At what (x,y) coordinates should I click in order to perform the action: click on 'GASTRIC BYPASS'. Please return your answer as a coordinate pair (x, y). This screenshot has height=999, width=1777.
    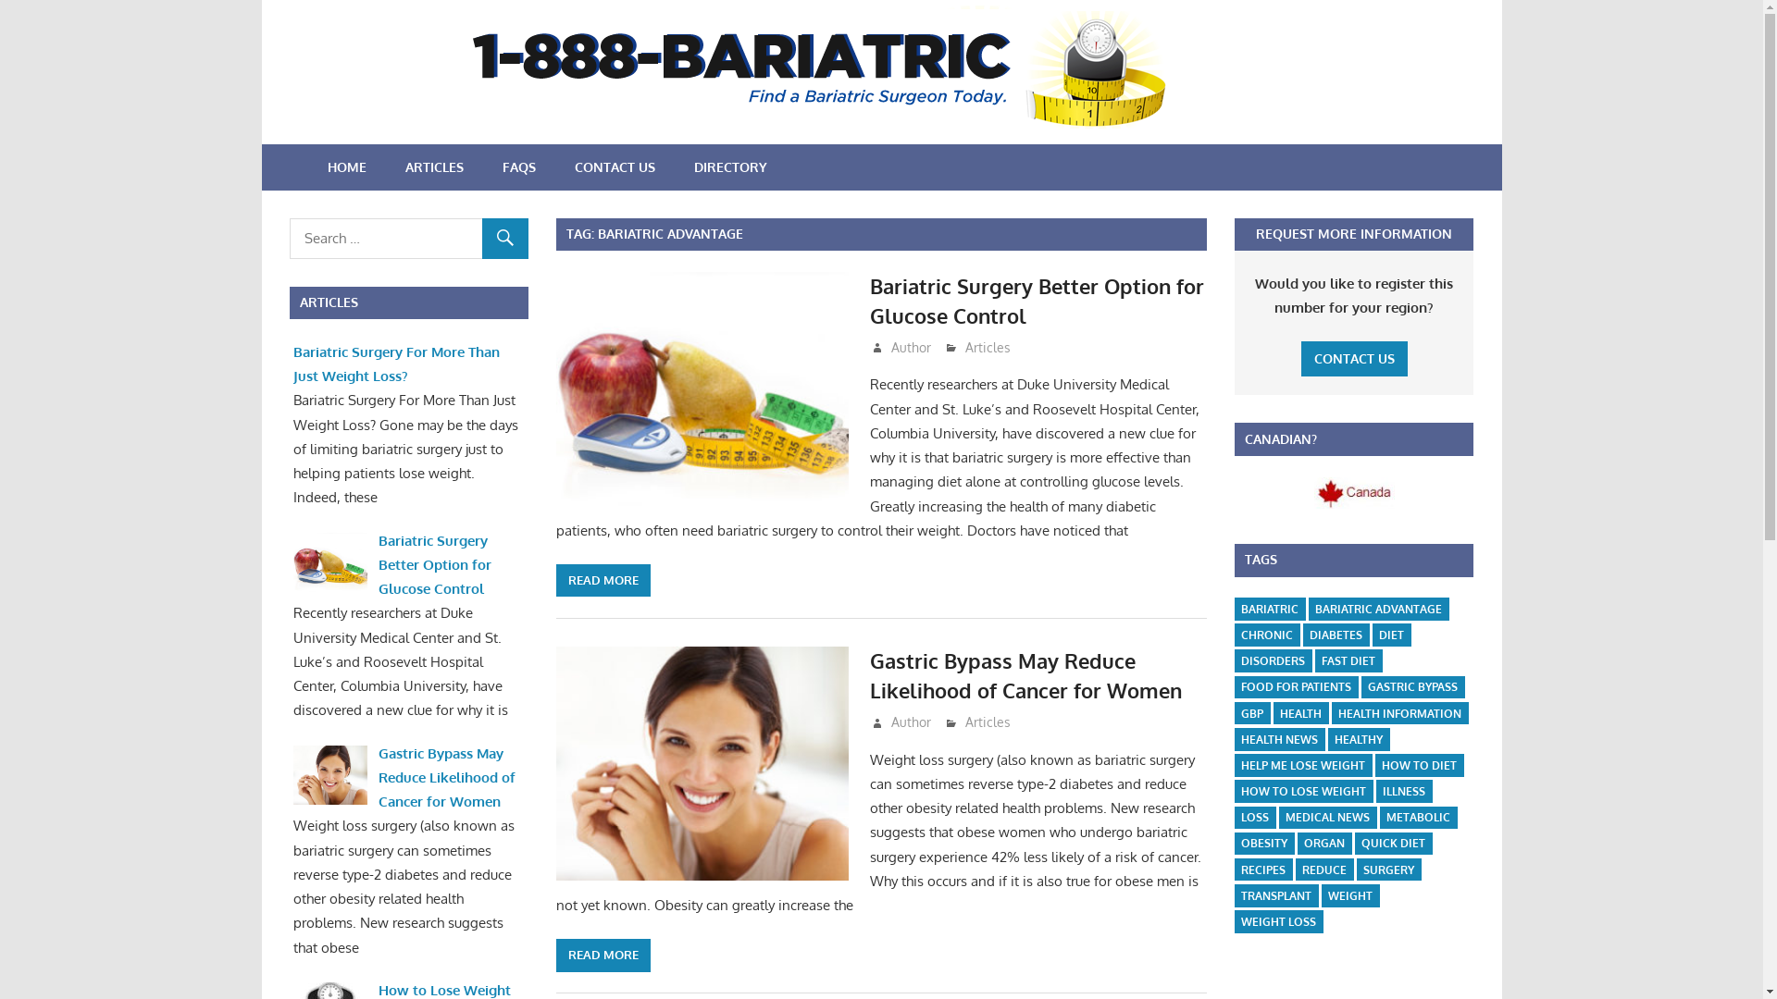
    Looking at the image, I should click on (1411, 687).